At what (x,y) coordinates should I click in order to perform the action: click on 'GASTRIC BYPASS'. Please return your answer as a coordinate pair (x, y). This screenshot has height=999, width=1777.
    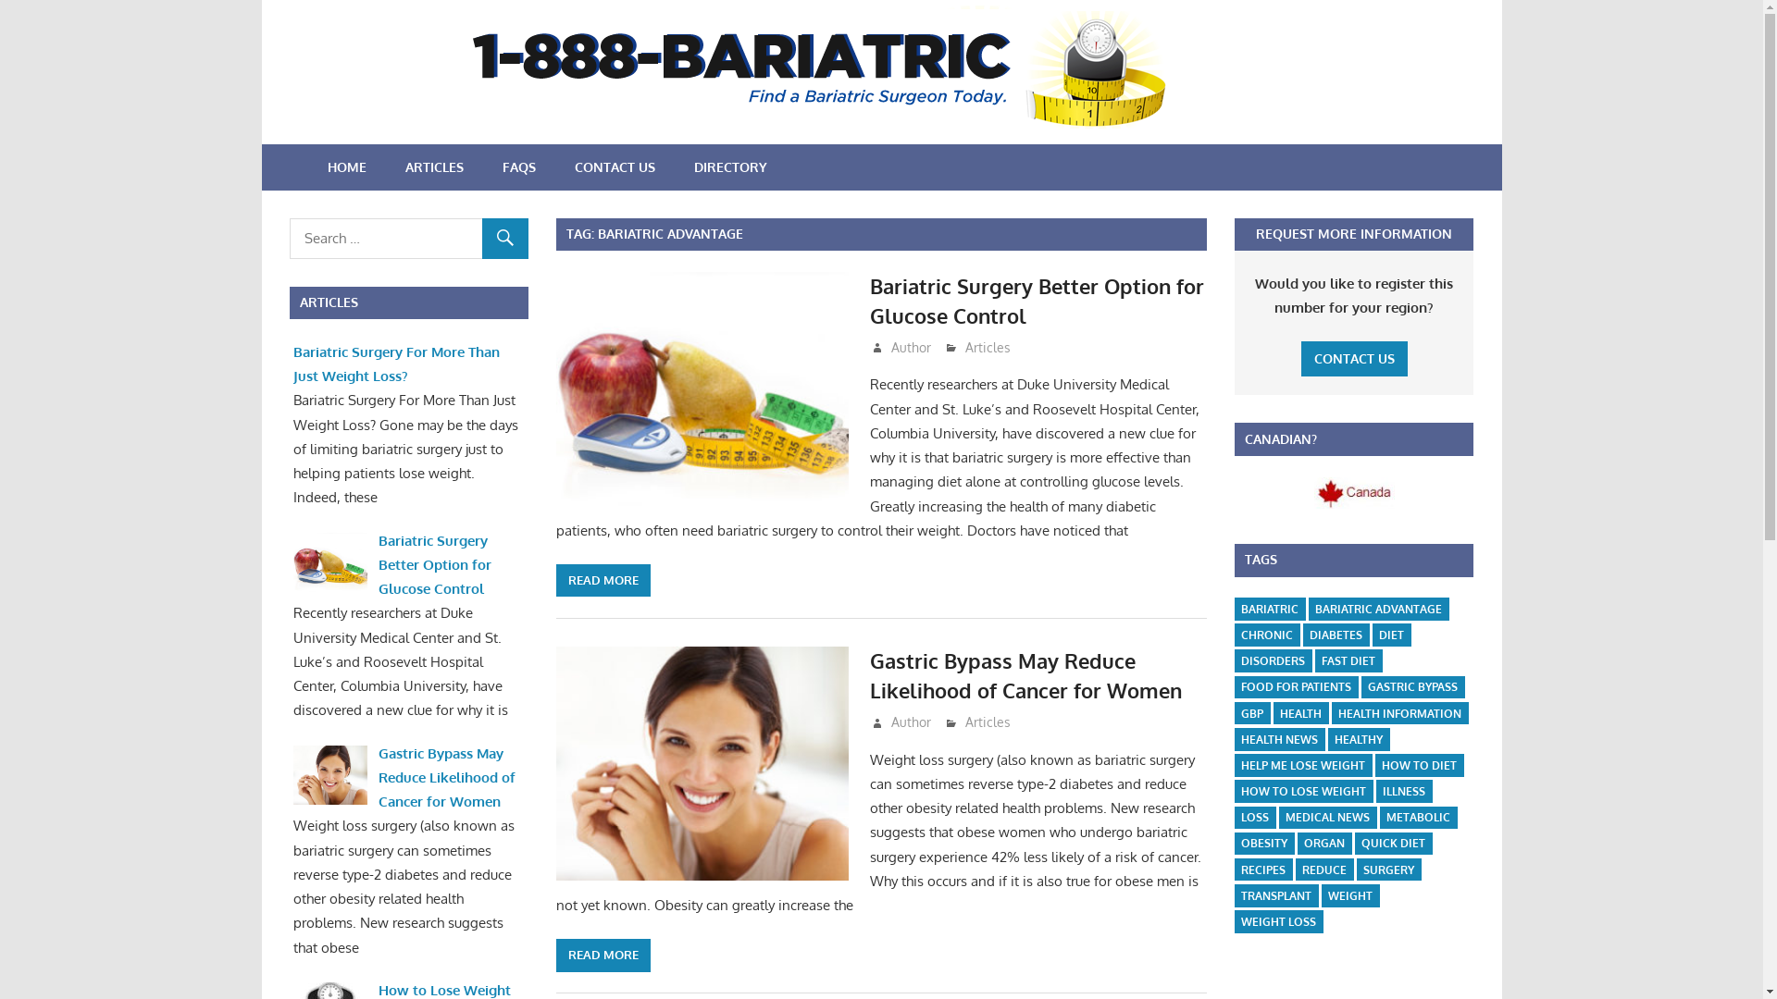
    Looking at the image, I should click on (1411, 687).